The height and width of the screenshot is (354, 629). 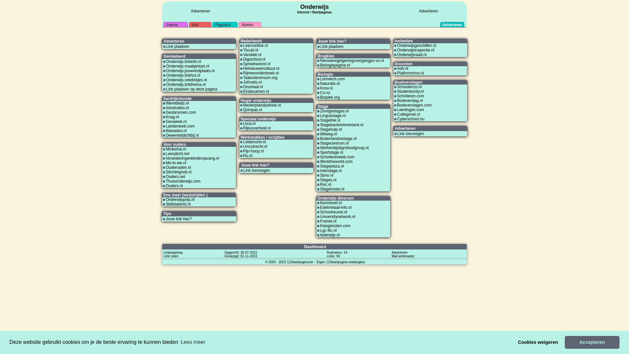 What do you see at coordinates (178, 154) in the screenshot?
I see `'Leerplicht.net'` at bounding box center [178, 154].